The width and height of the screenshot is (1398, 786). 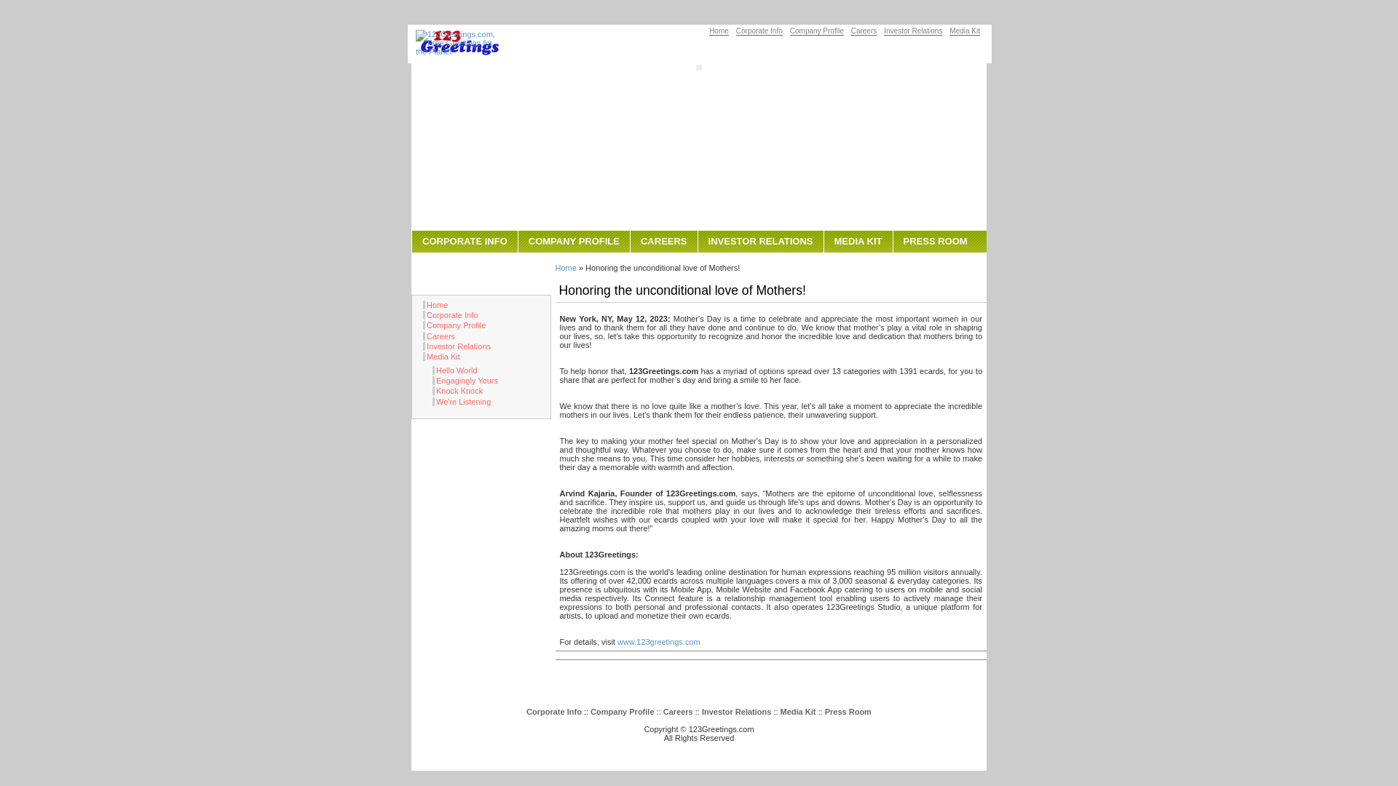 I want to click on 'Corporate Info', so click(x=758, y=31).